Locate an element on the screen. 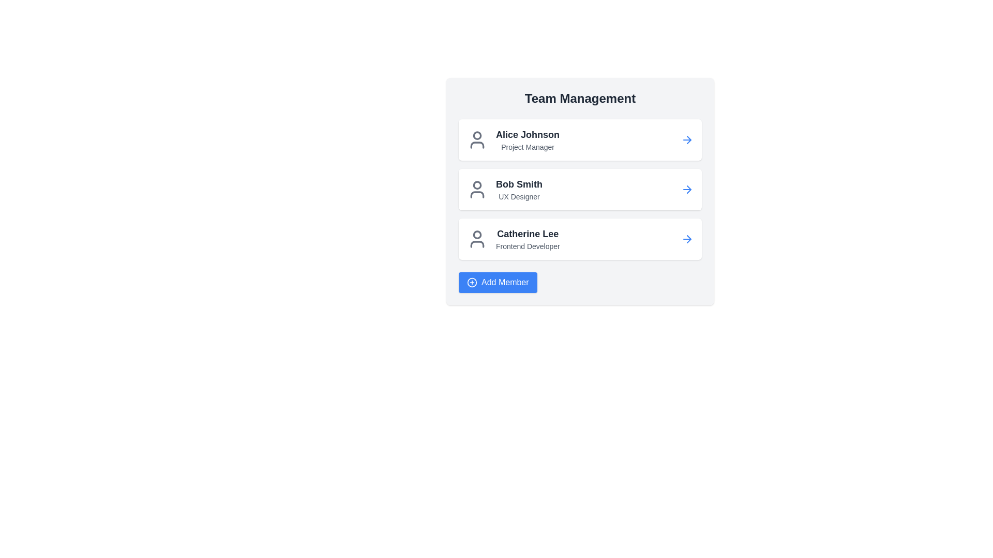 Image resolution: width=993 pixels, height=558 pixels. the second team member entry in the 'Team Management' section, which contains a name, title, and icons on both sides is located at coordinates (580, 191).